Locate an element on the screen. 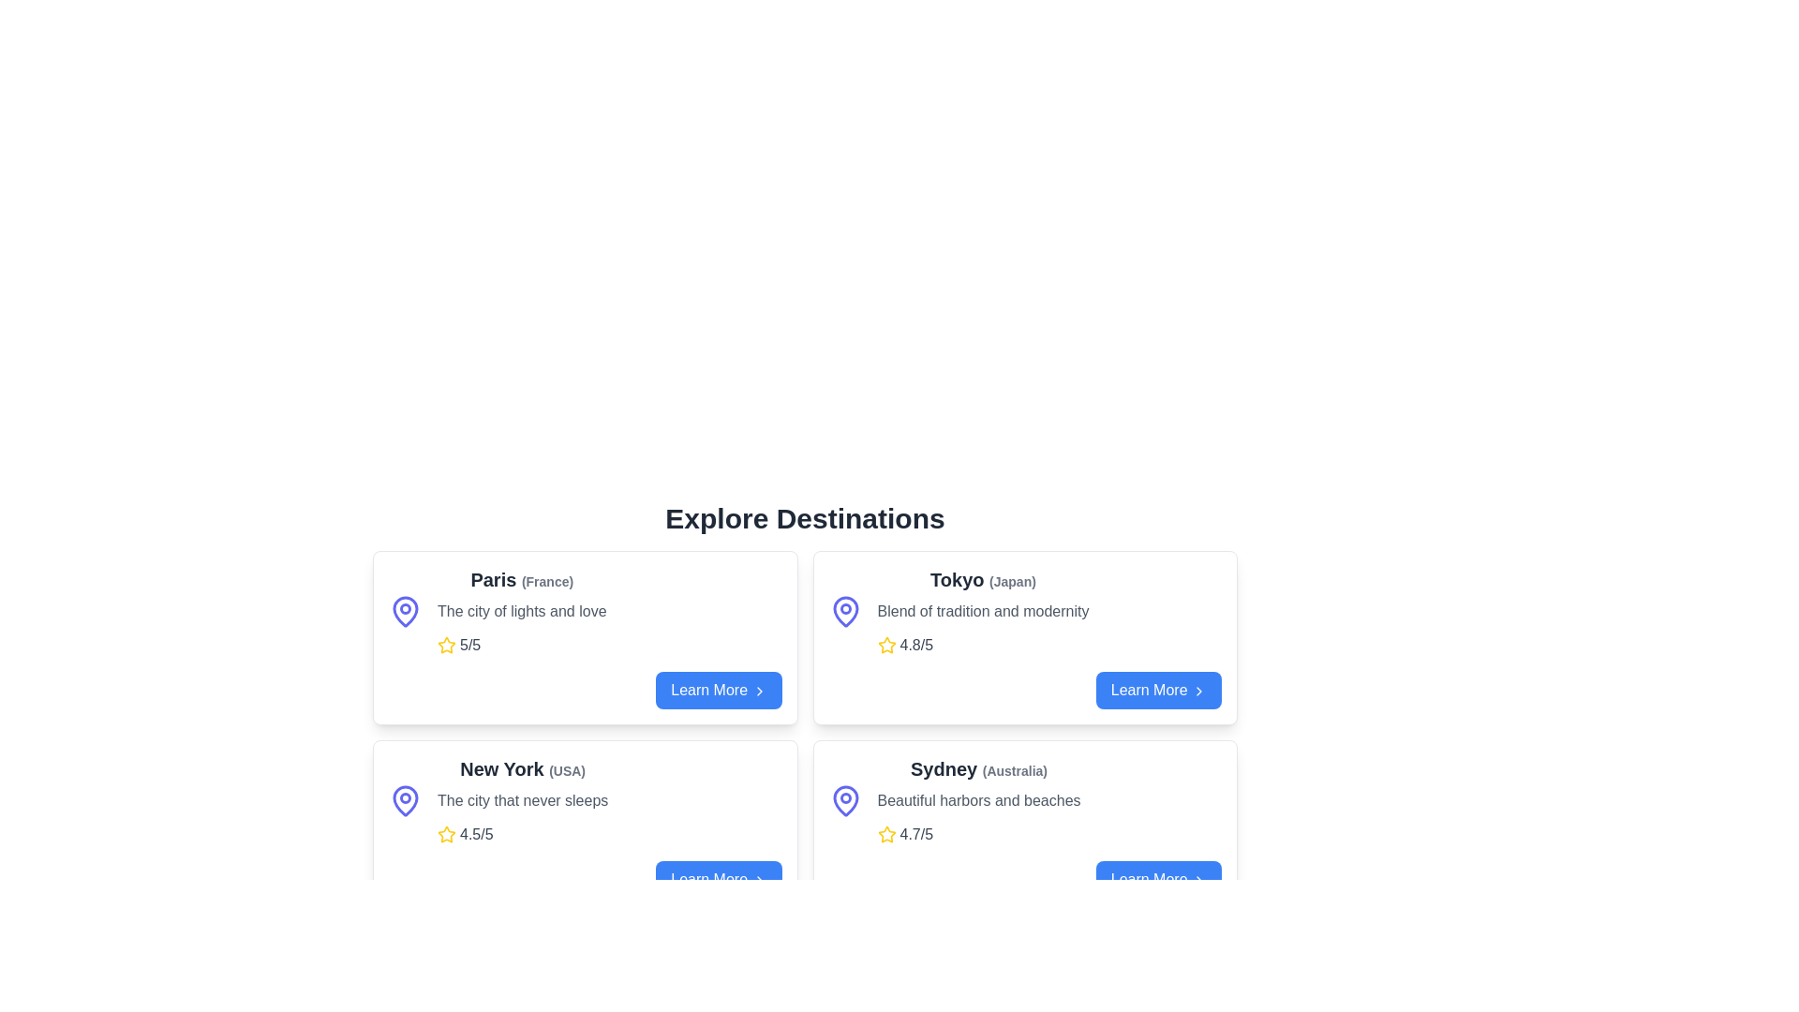 The image size is (1799, 1012). the Text Label displaying the rating '4.8/5' for the destination 'Tokyo (Japan)', located in the second card of the top row, following the star icon is located at coordinates (916, 645).